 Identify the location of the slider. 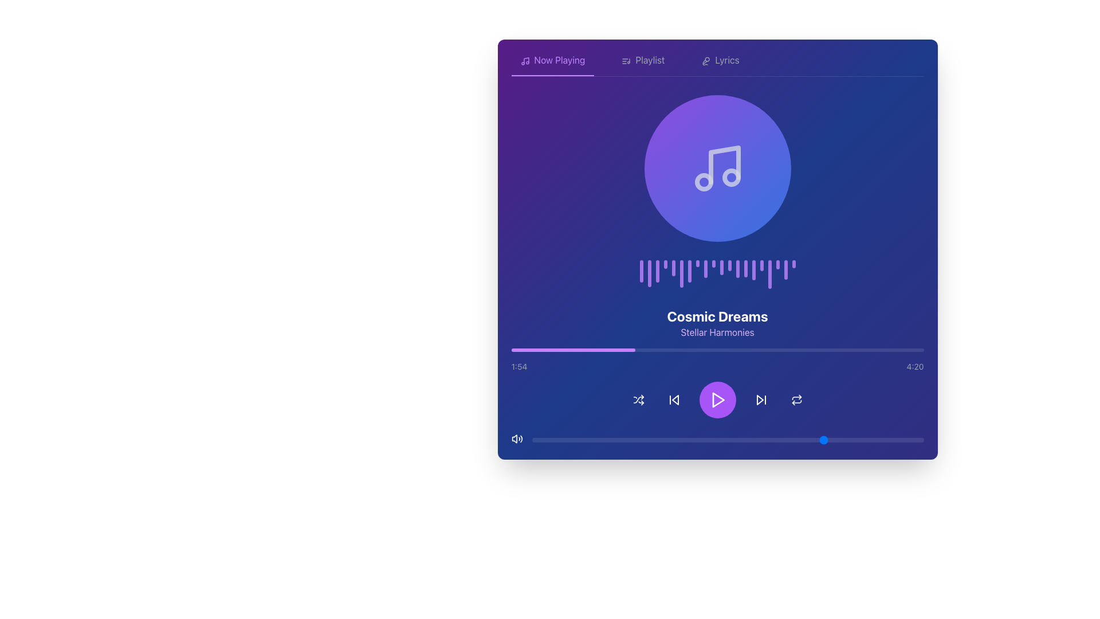
(629, 439).